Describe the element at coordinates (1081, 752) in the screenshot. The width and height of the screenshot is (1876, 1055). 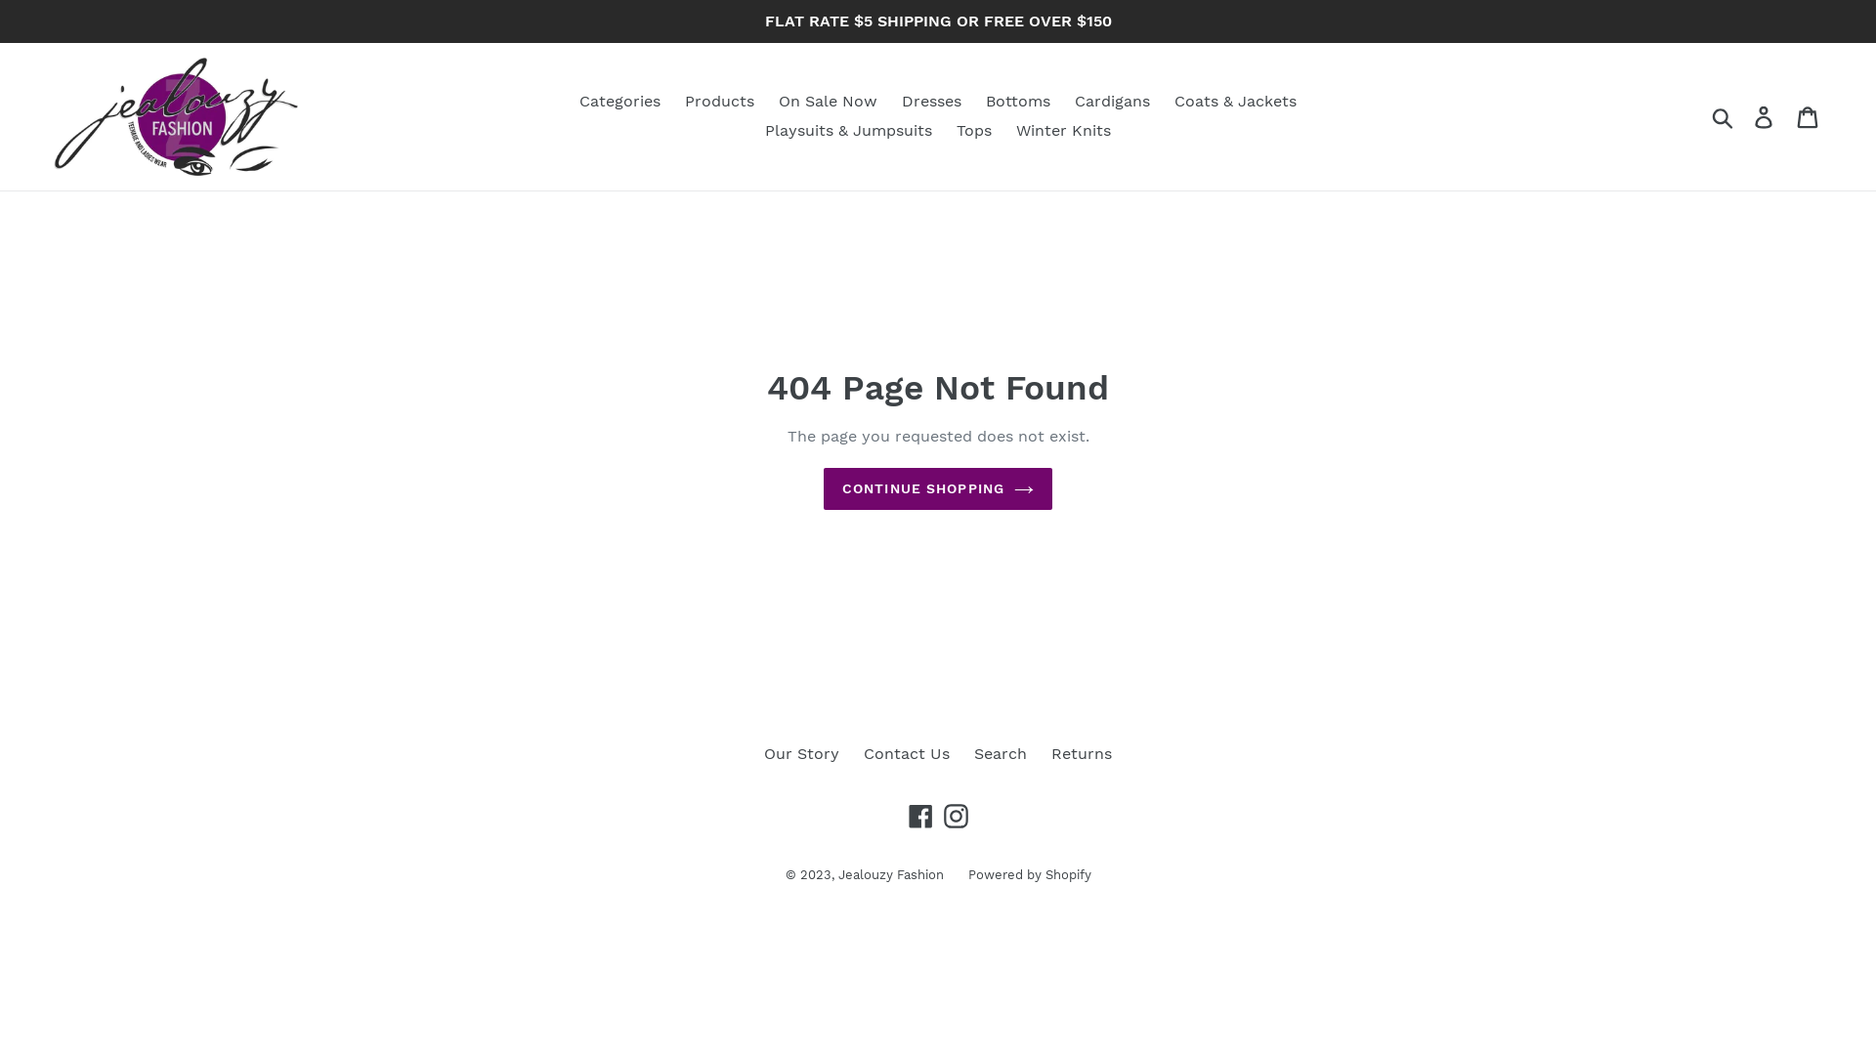
I see `'Returns'` at that location.